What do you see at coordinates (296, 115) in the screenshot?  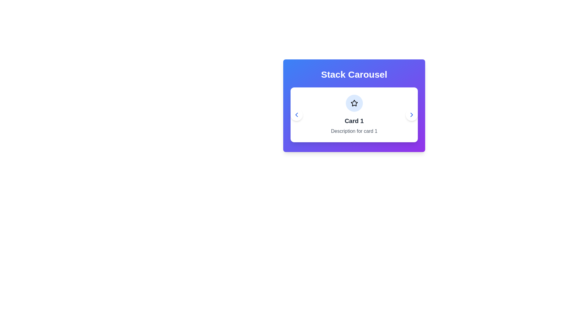 I see `the left-side navigation button` at bounding box center [296, 115].